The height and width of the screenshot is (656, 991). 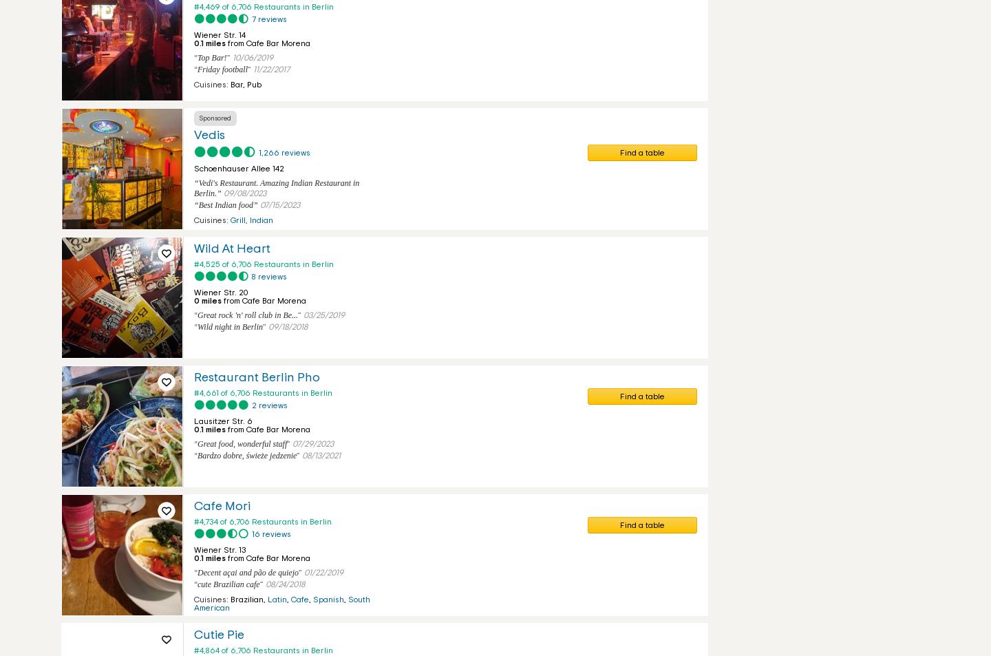 I want to click on 'Restaurant Berlin Pho', so click(x=193, y=378).